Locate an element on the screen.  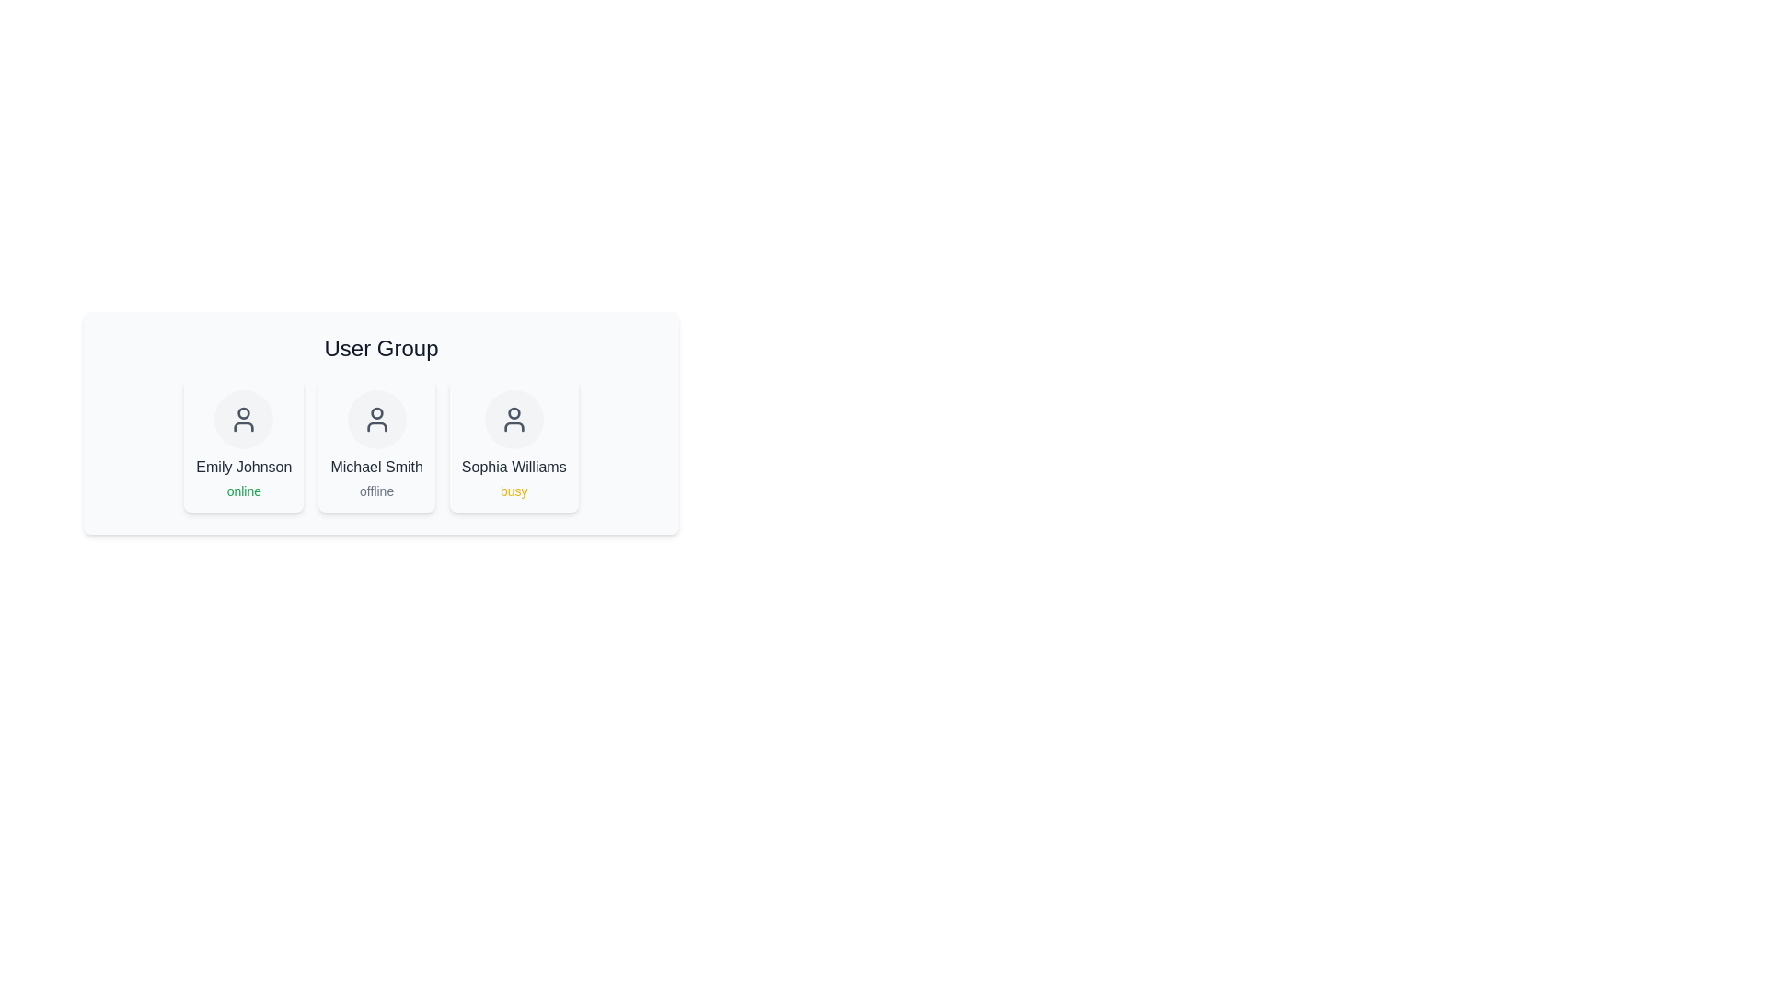
displayed name 'Sophia Williams' from the text label located in the bottom section of the user profile card, which is the third card under the 'User Group' heading is located at coordinates (514, 467).